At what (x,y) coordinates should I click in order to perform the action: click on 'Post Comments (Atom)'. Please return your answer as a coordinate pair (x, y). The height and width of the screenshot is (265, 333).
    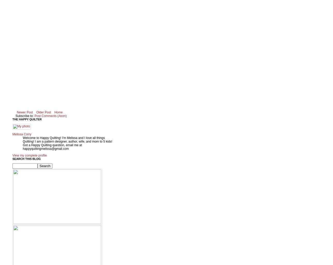
    Looking at the image, I should click on (50, 115).